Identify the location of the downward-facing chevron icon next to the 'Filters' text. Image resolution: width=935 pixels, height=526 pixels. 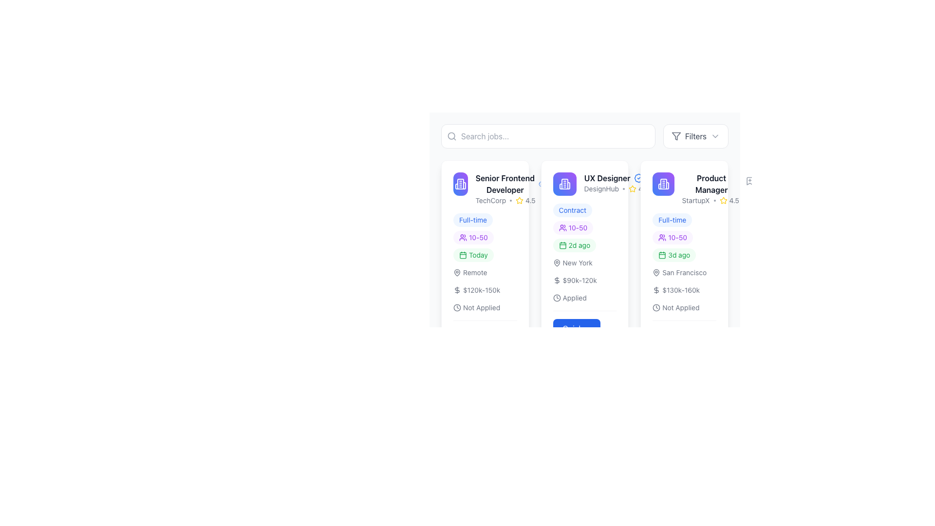
(715, 136).